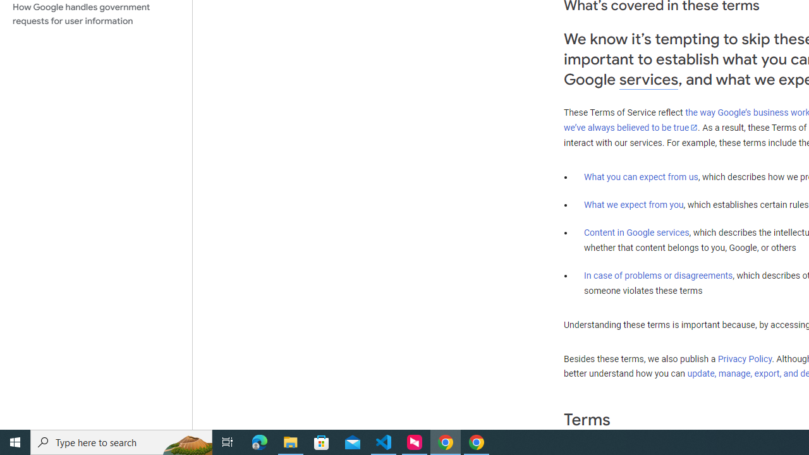 This screenshot has width=809, height=455. Describe the element at coordinates (641, 176) in the screenshot. I see `'What you can expect from us'` at that location.